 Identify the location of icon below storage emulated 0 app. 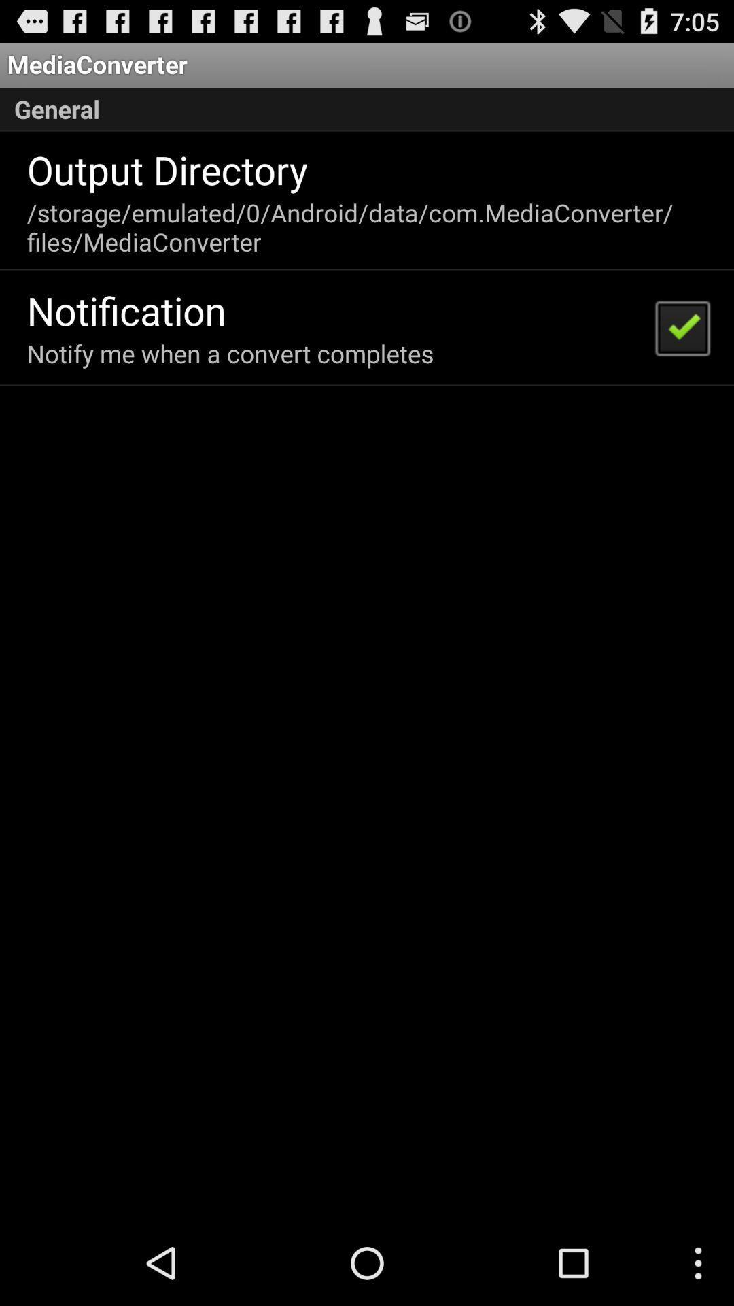
(126, 309).